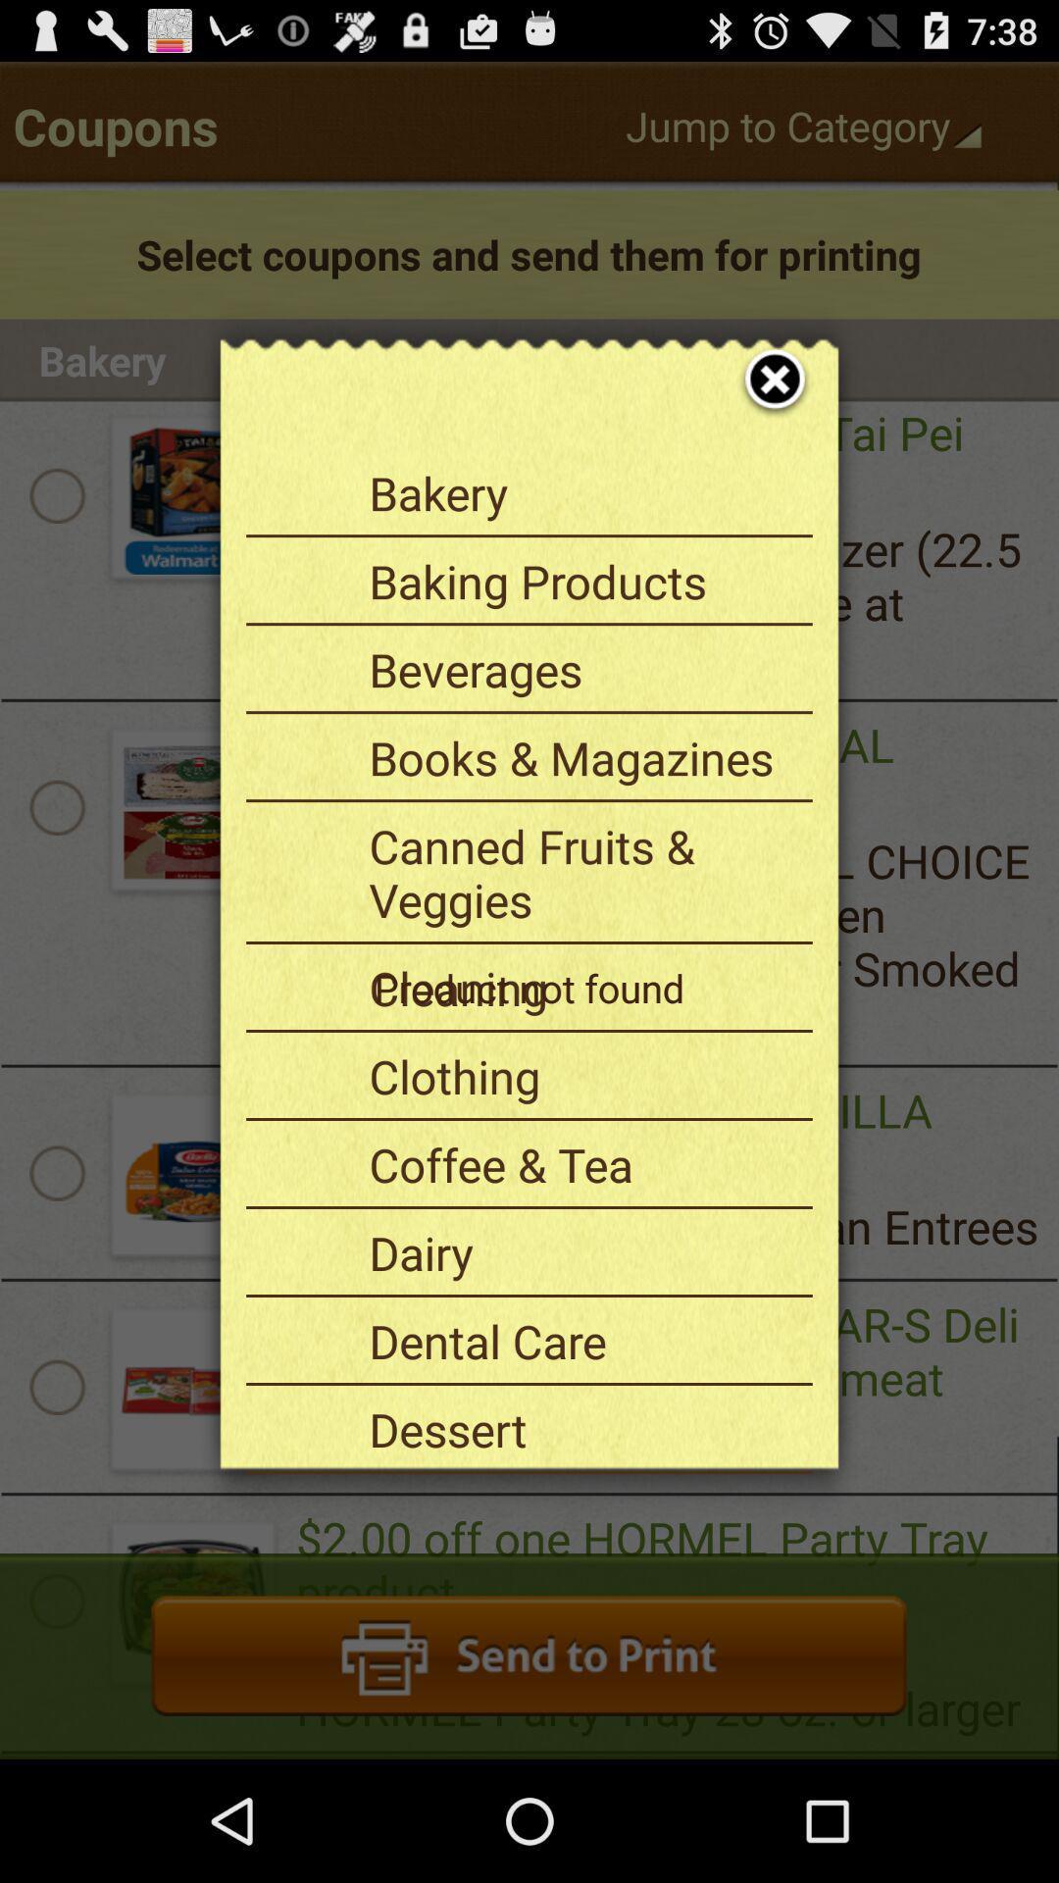  What do you see at coordinates (582, 1429) in the screenshot?
I see `the dessert item` at bounding box center [582, 1429].